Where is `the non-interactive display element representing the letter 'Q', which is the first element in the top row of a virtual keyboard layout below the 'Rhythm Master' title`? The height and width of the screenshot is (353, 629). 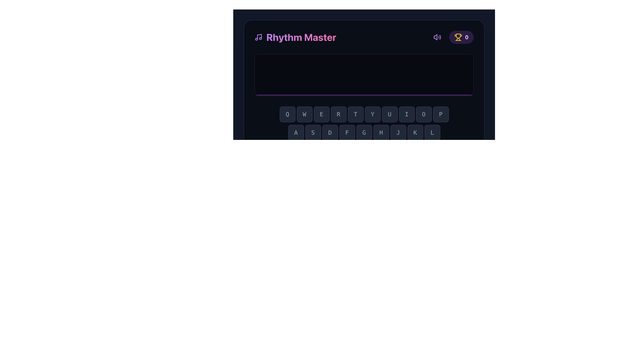 the non-interactive display element representing the letter 'Q', which is the first element in the top row of a virtual keyboard layout below the 'Rhythm Master' title is located at coordinates (287, 114).